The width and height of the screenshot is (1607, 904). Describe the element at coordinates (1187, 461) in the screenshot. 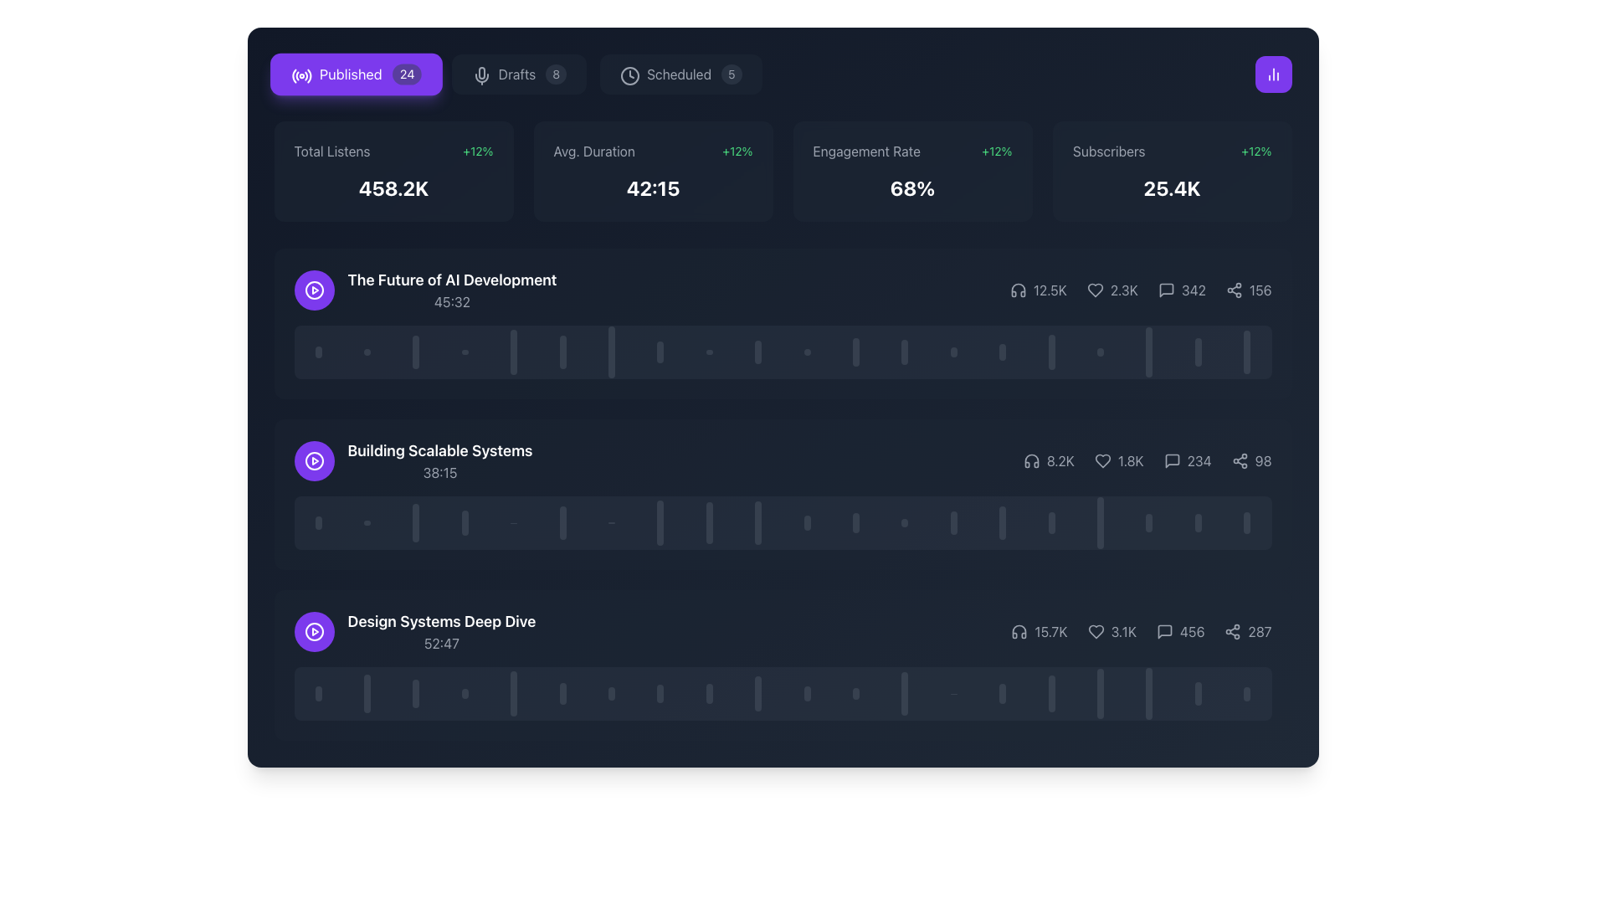

I see `the Metric display for comments (234) located in the lower-right corner of the second card` at that location.